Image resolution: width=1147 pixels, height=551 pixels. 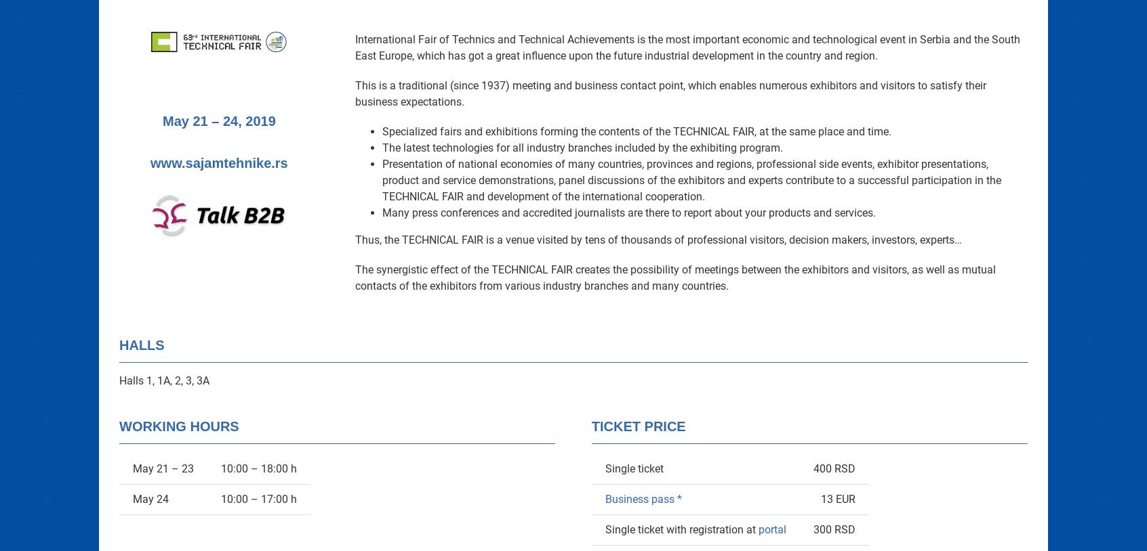 What do you see at coordinates (638, 426) in the screenshot?
I see `'TICKET PRICE'` at bounding box center [638, 426].